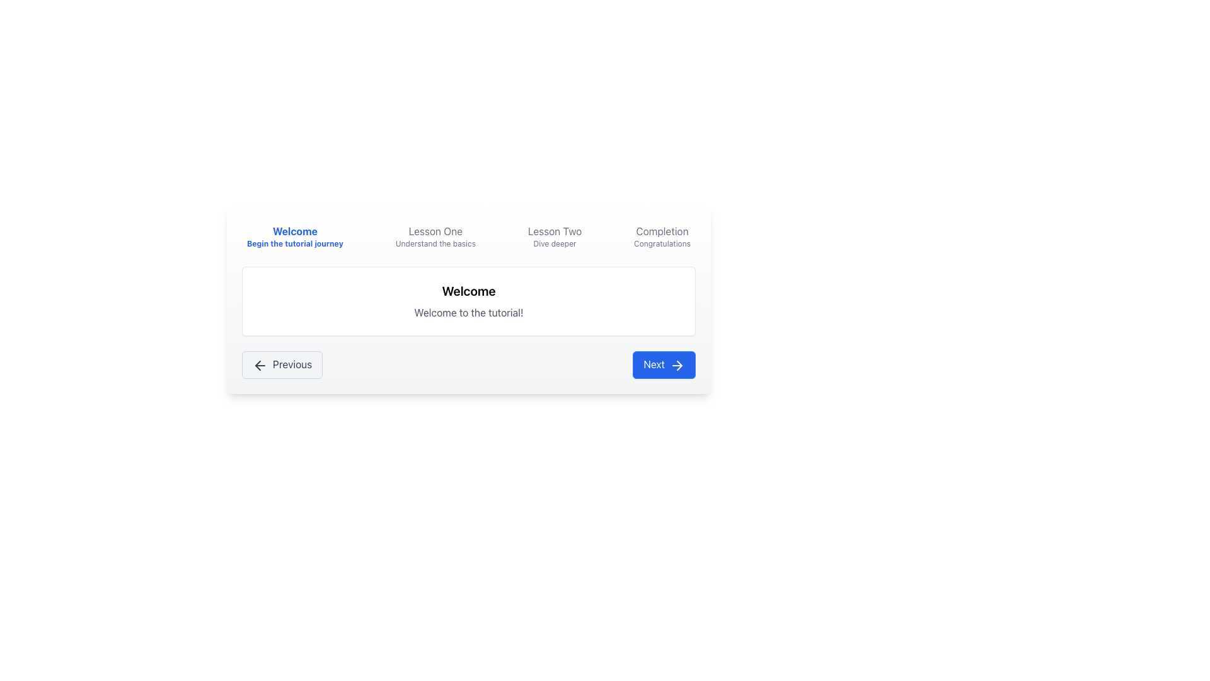 This screenshot has height=681, width=1210. Describe the element at coordinates (468, 236) in the screenshot. I see `the text label representing the first tutorial lesson, which is located between 'Welcome' and 'Lesson Two' in the horizontally aligned sequence of tutorial steps` at that location.